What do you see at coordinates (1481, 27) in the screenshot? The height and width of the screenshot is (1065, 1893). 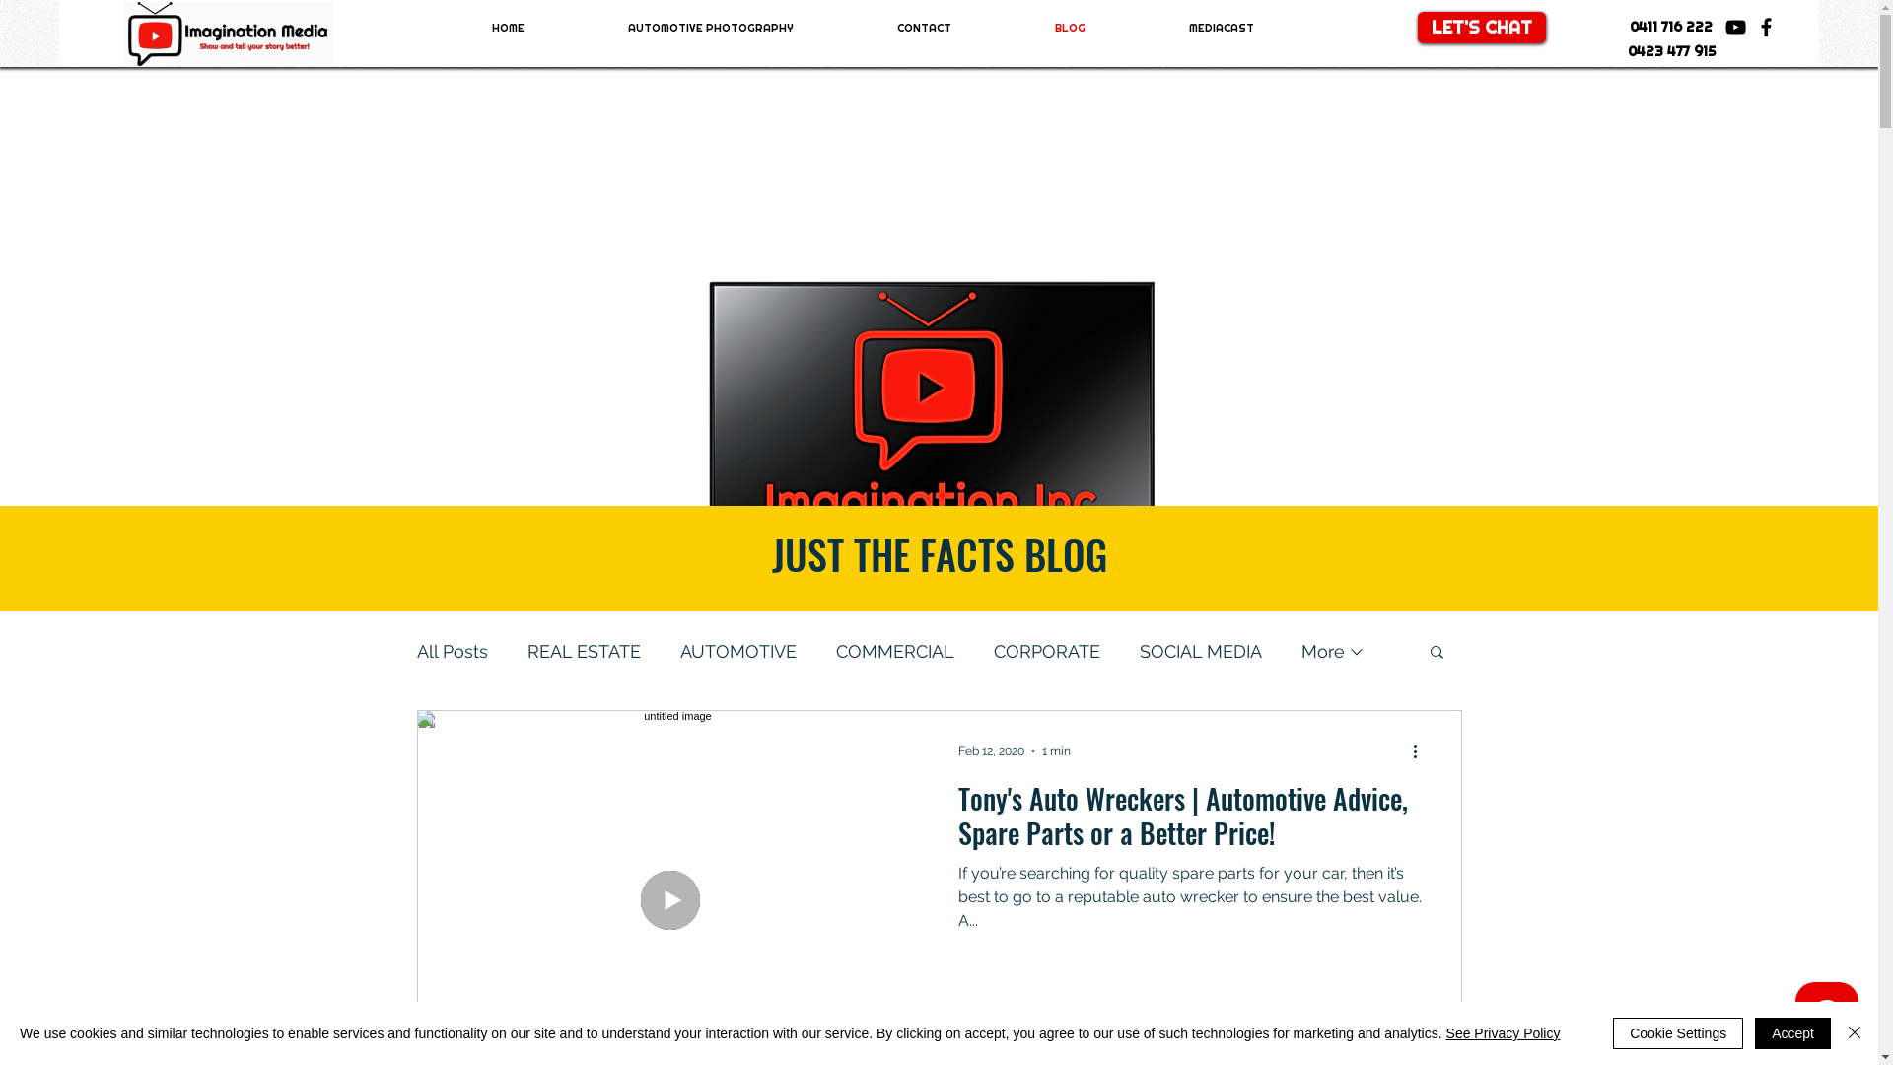 I see `'LET'S CHAT'` at bounding box center [1481, 27].